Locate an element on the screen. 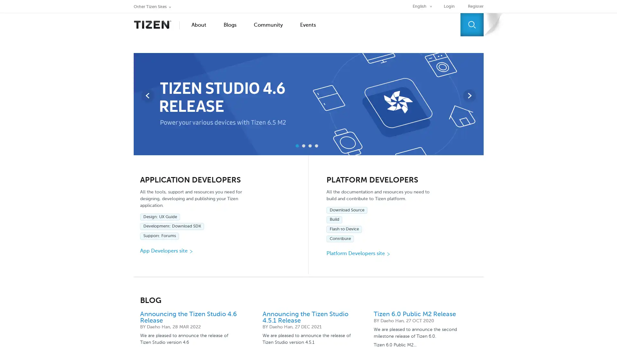 The height and width of the screenshot is (347, 617). 3 is located at coordinates (310, 146).